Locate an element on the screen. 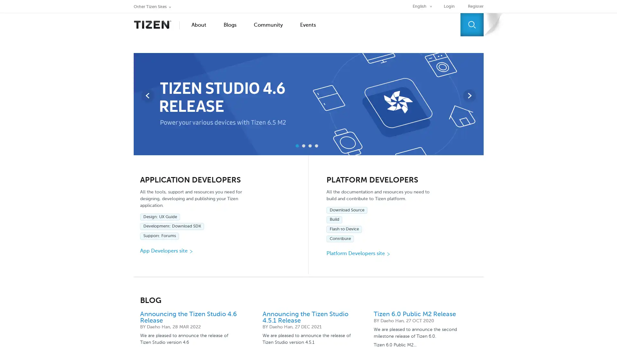 The height and width of the screenshot is (347, 617). 3 is located at coordinates (310, 146).